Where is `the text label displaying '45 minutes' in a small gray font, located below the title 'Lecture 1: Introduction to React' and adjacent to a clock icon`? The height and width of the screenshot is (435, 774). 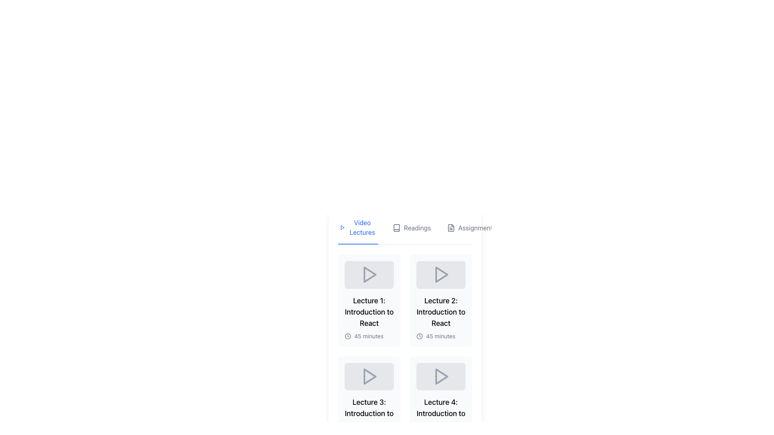
the text label displaying '45 minutes' in a small gray font, located below the title 'Lecture 1: Introduction to React' and adjacent to a clock icon is located at coordinates (368, 336).